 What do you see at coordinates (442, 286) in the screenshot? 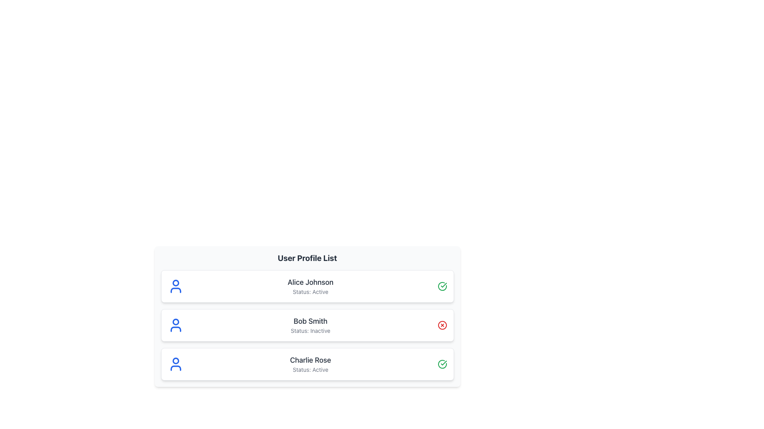
I see `the green circular icon with a checkmark inside, located in the top-right corner of the 'Alice Johnson' profile card` at bounding box center [442, 286].